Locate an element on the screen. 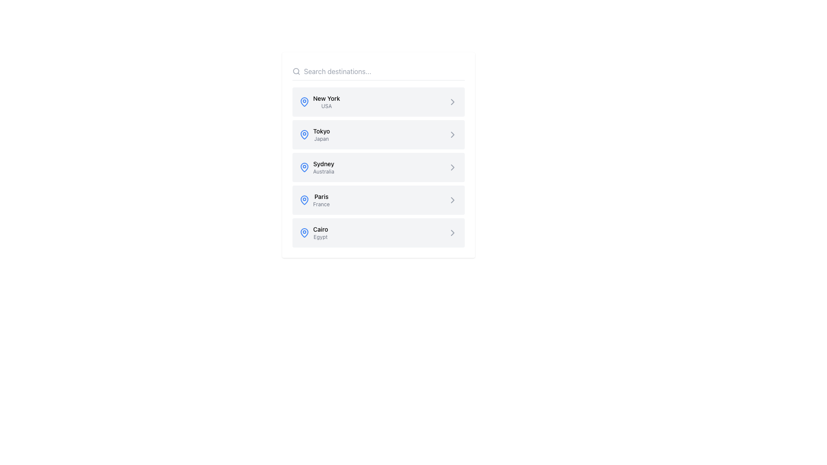  the selectable list item representing Tokyo, Japan is located at coordinates (378, 134).